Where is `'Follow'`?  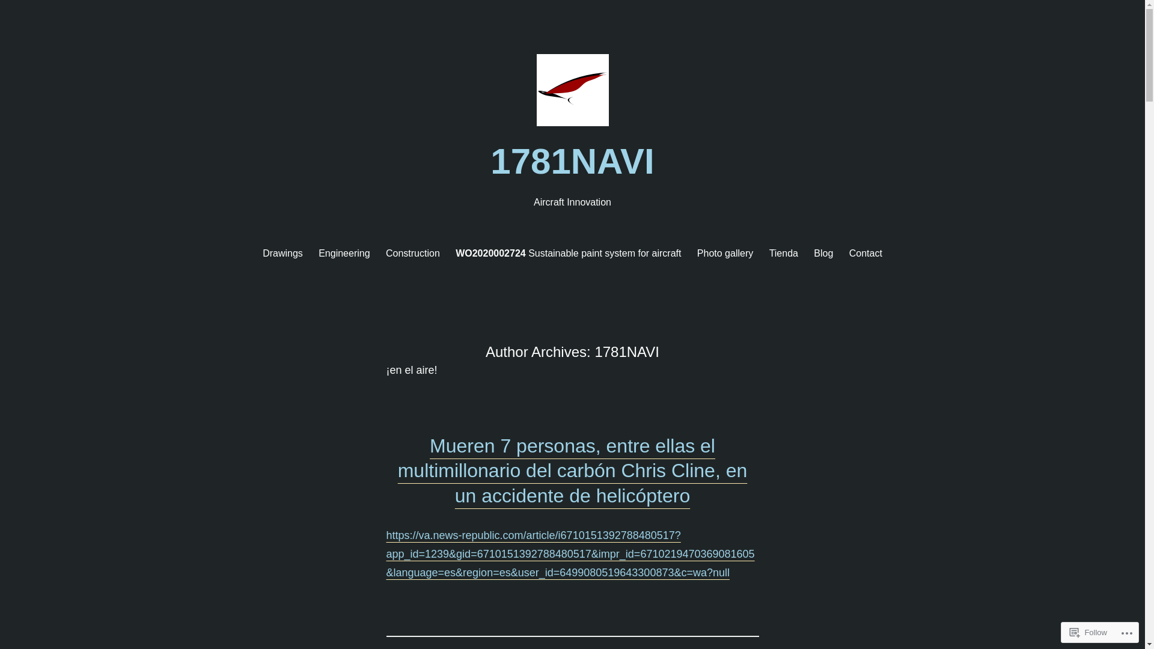
'Follow' is located at coordinates (1088, 632).